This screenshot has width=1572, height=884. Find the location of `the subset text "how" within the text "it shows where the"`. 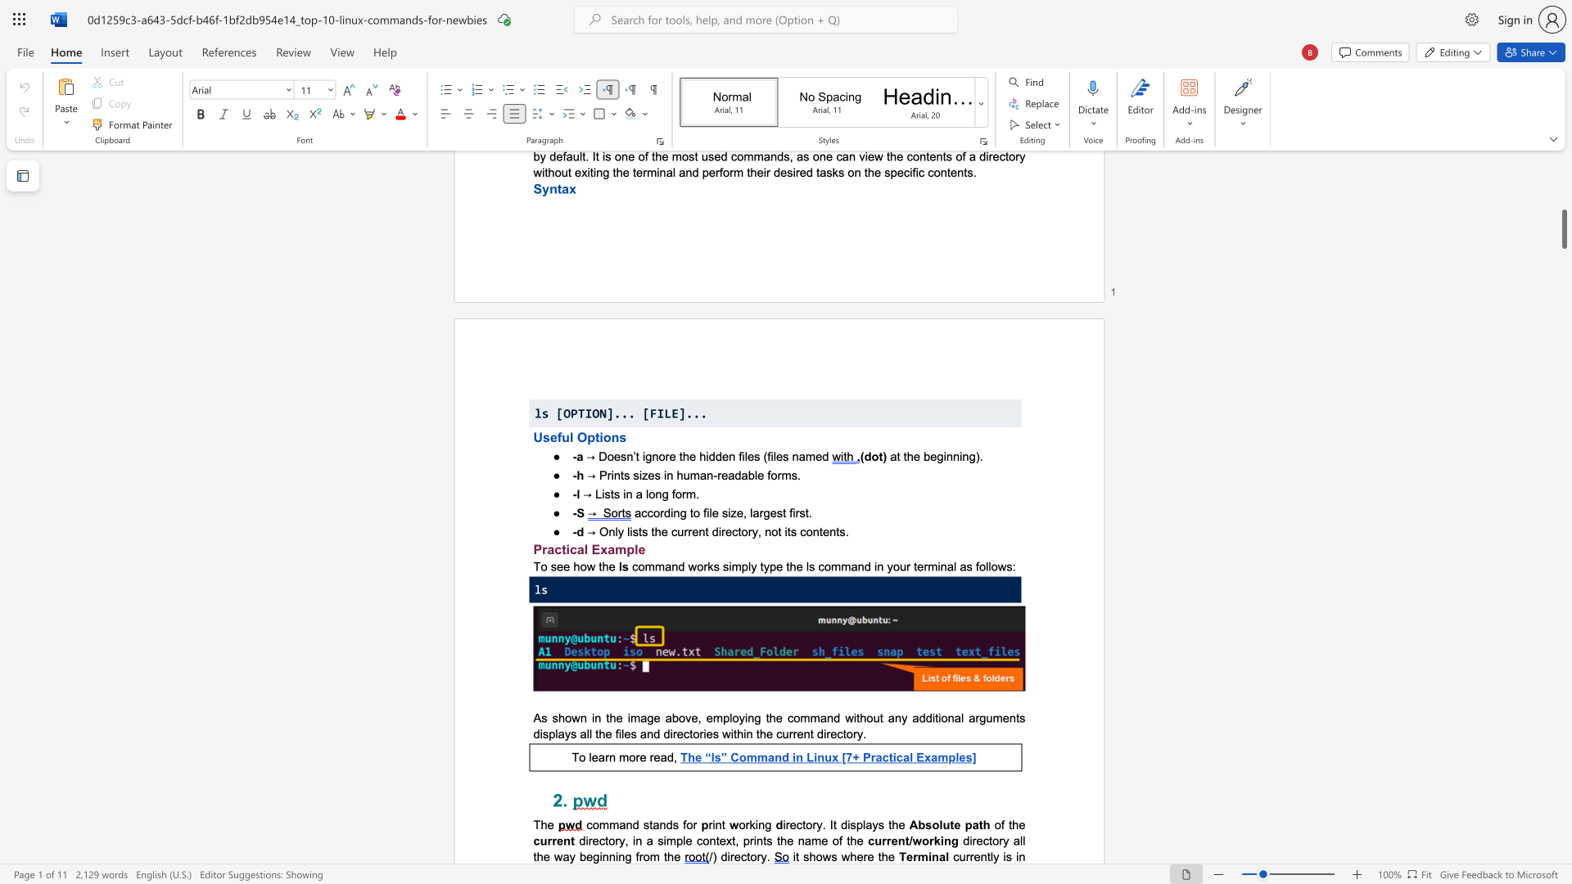

the subset text "how" within the text "it shows where the" is located at coordinates (809, 855).